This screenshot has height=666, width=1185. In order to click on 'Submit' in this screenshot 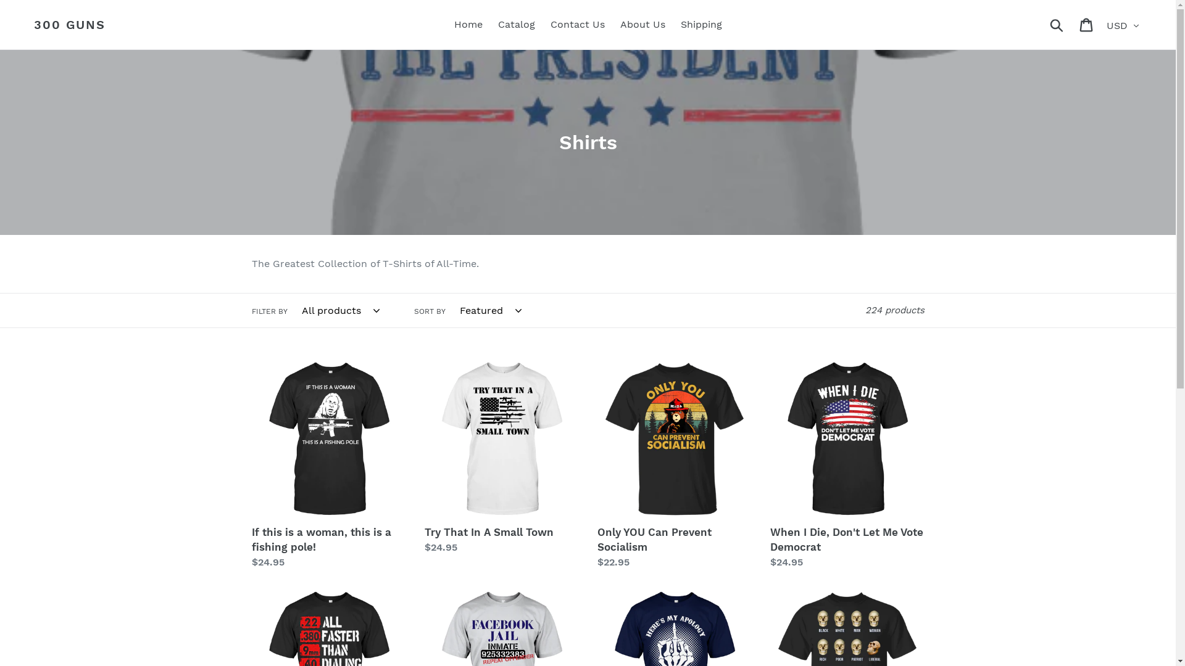, I will do `click(1057, 24)`.